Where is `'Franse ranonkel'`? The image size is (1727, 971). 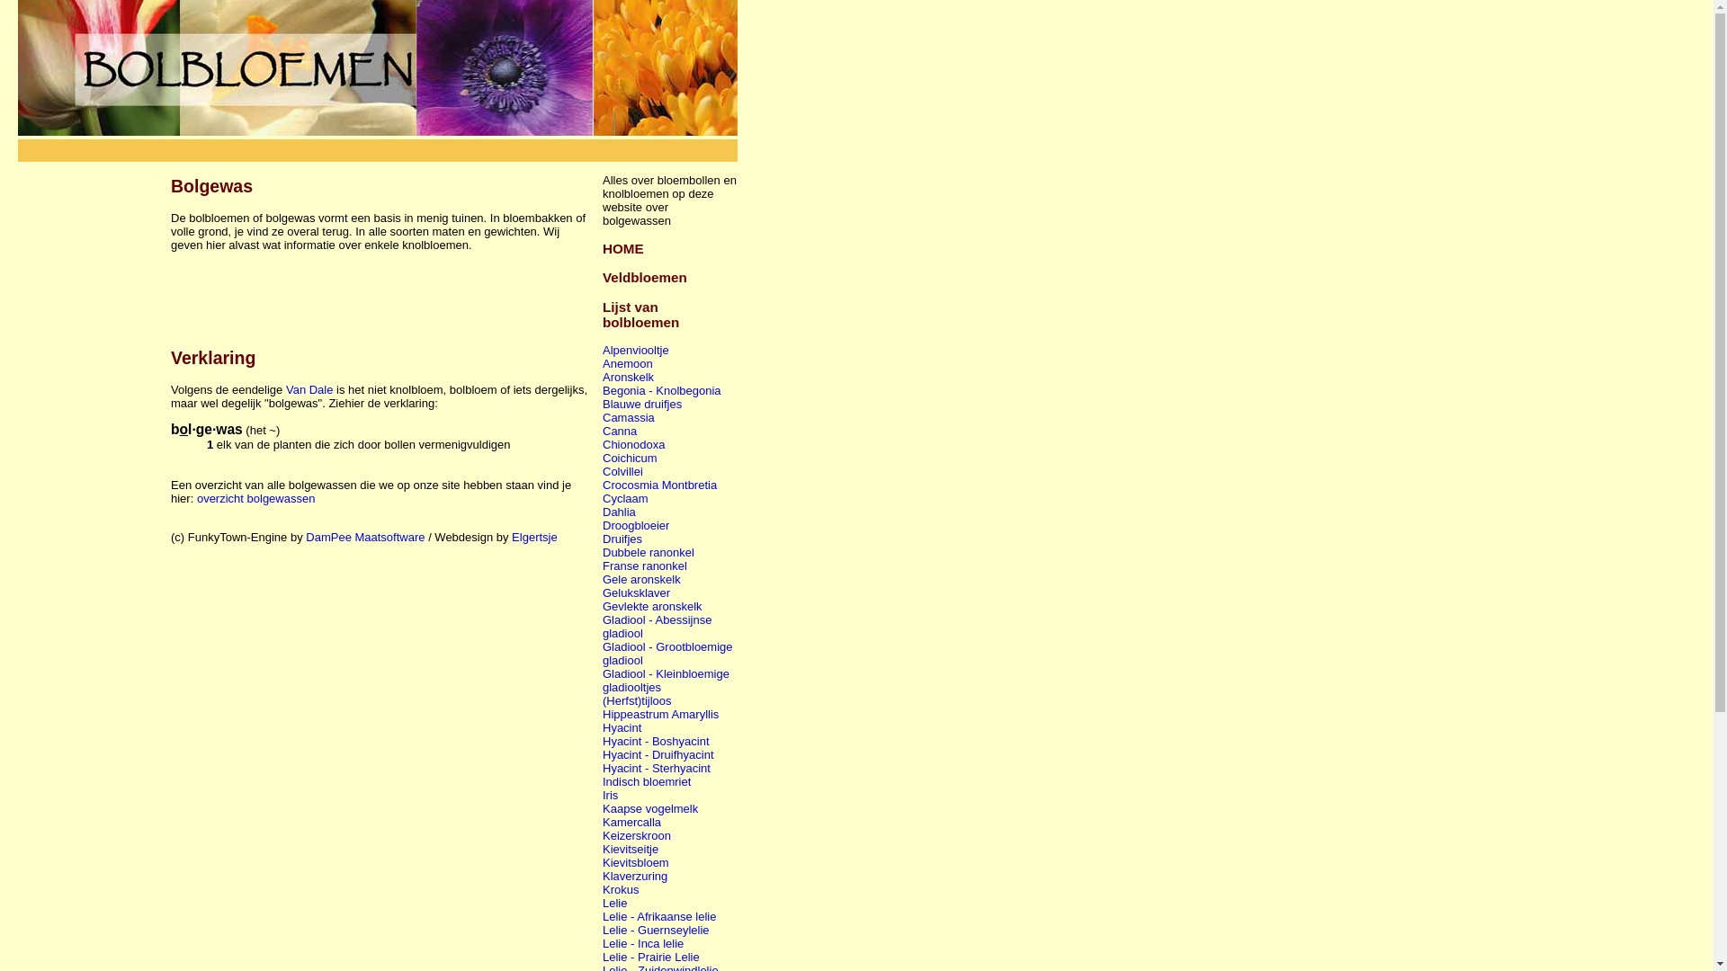
'Franse ranonkel' is located at coordinates (644, 565).